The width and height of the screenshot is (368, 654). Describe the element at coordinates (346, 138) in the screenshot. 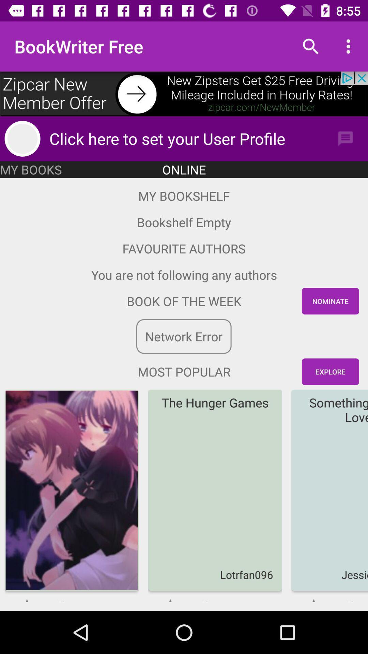

I see `the chat icon` at that location.